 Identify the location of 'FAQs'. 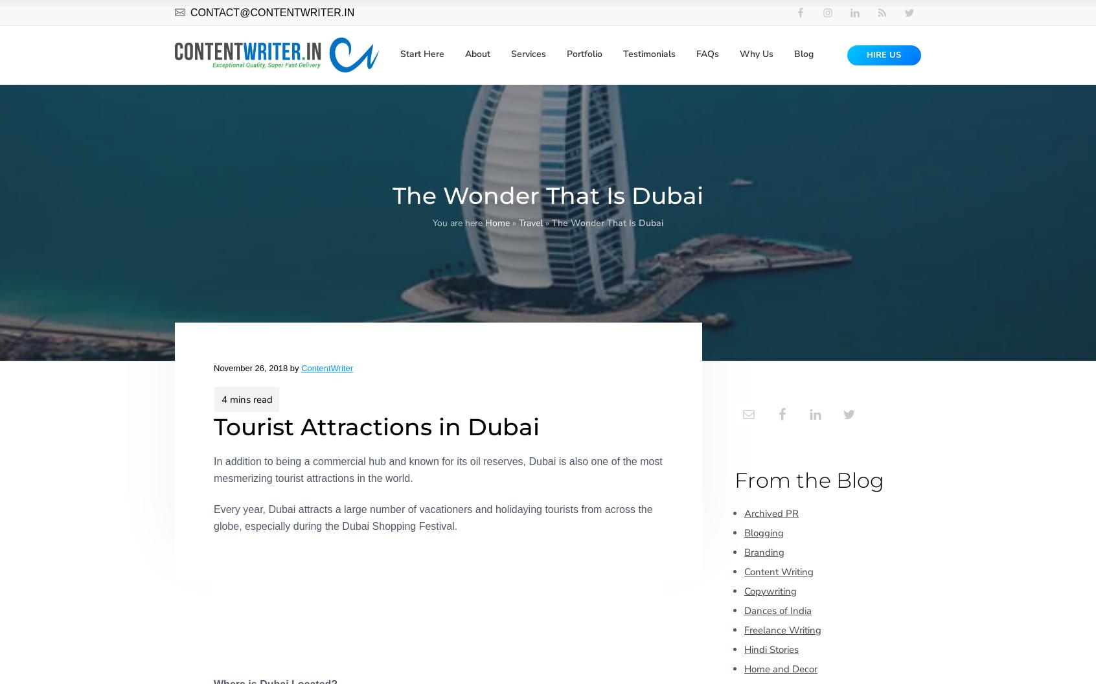
(707, 56).